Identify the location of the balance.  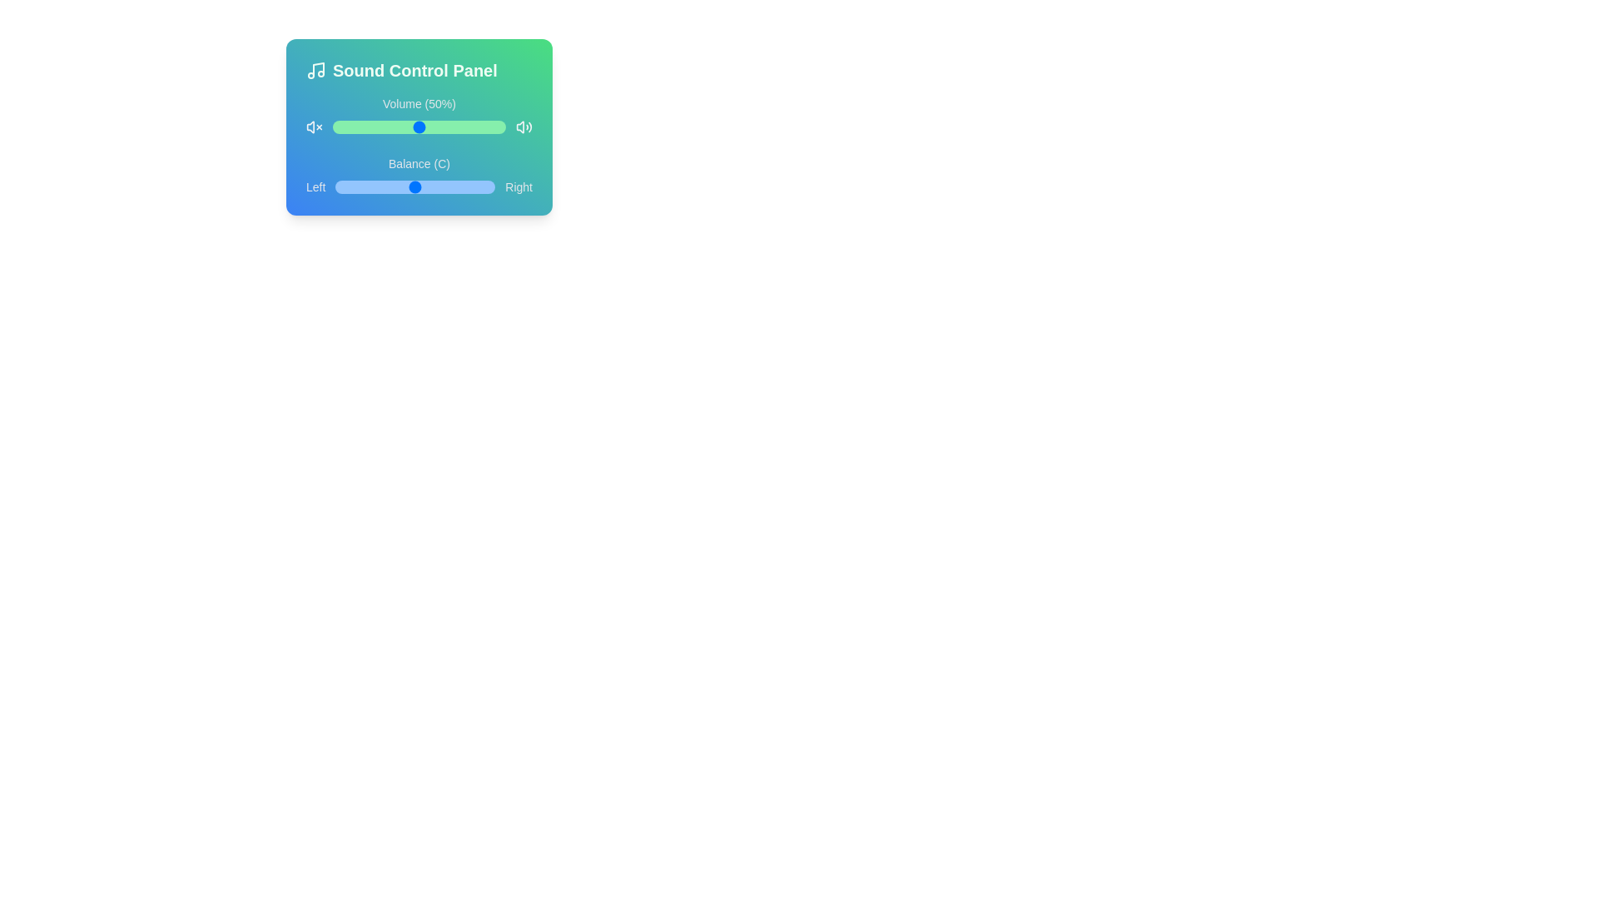
(486, 186).